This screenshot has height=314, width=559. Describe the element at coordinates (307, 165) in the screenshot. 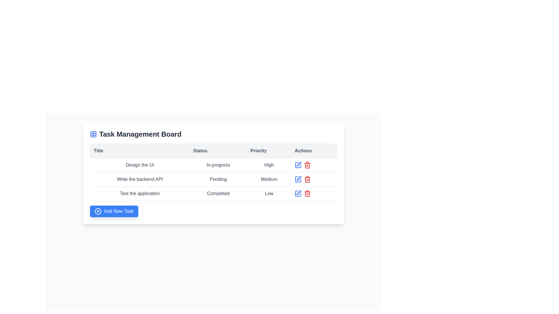

I see `the delete icon button in the 'Actions' column of the 'In-progress' task row` at that location.